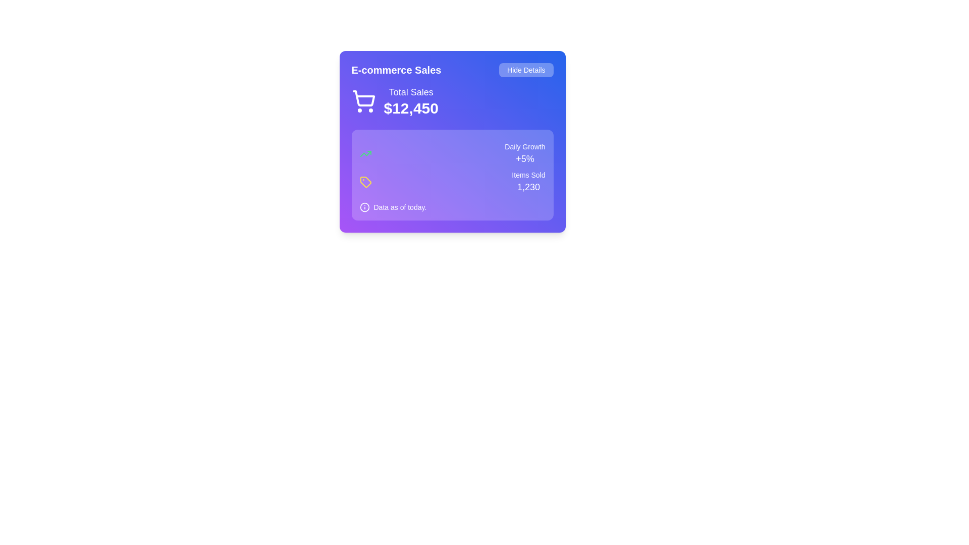 The image size is (969, 545). Describe the element at coordinates (365, 182) in the screenshot. I see `the stylized yellow price tag icon located near the center of the purple panel in the interface` at that location.